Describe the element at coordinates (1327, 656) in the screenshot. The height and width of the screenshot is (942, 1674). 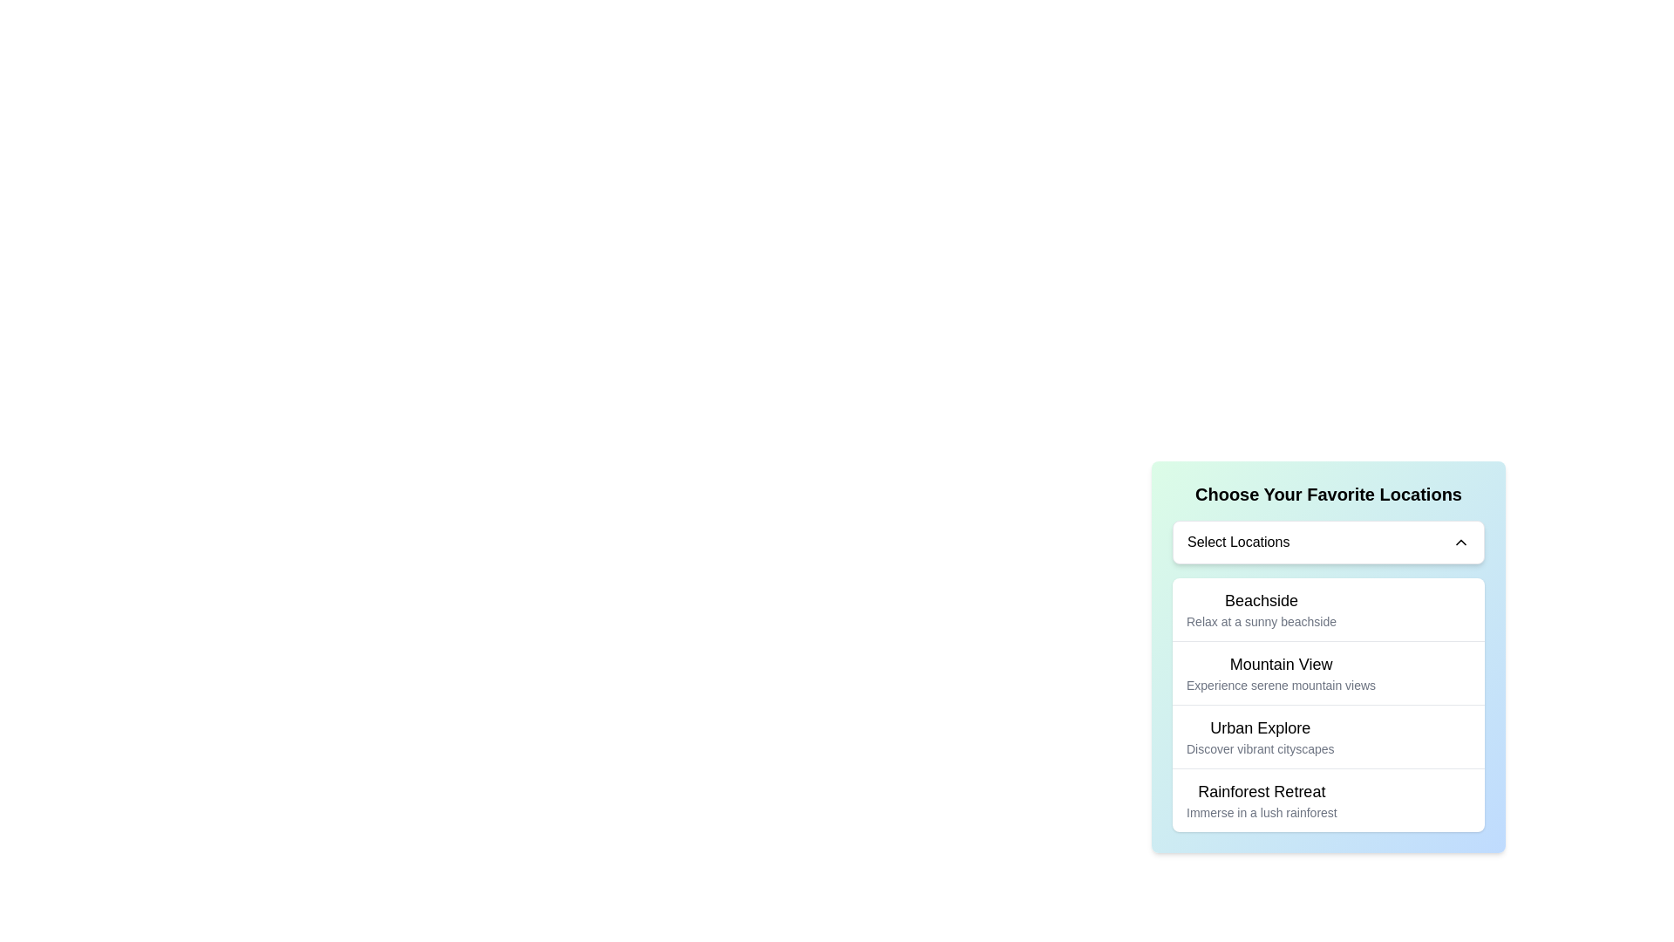
I see `the selectable list item labeled 'Mountain View', which is the second option in the list under 'Choose Your Favorite Locations'` at that location.